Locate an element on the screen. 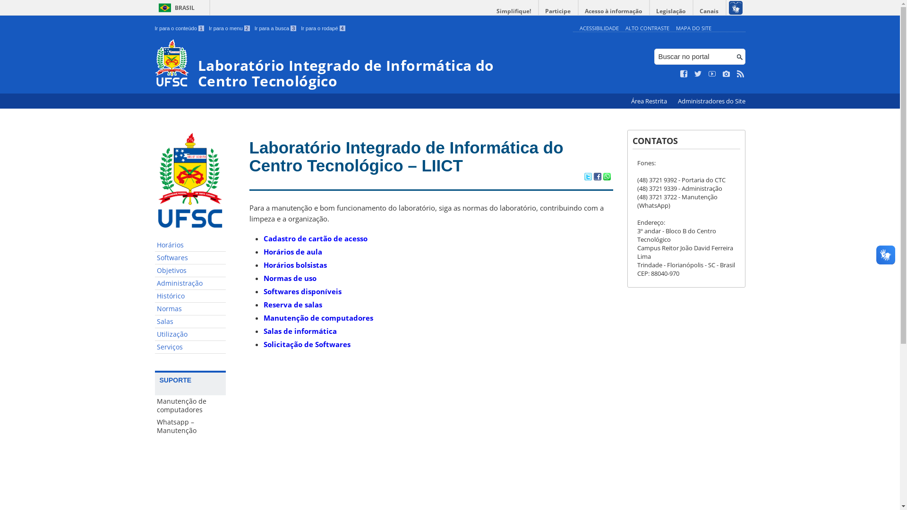 This screenshot has width=907, height=510. 'Administradores do Site' is located at coordinates (711, 101).